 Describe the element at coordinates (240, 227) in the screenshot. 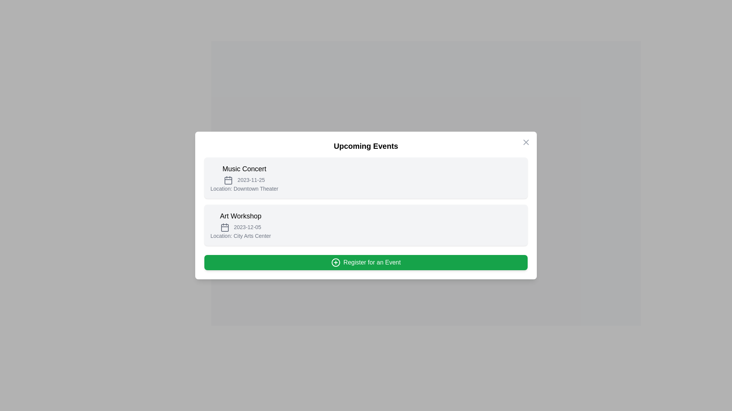

I see `date displayed in the text element located below the 'Art Workshop' title and above the 'Location: City Arts Center' text` at that location.